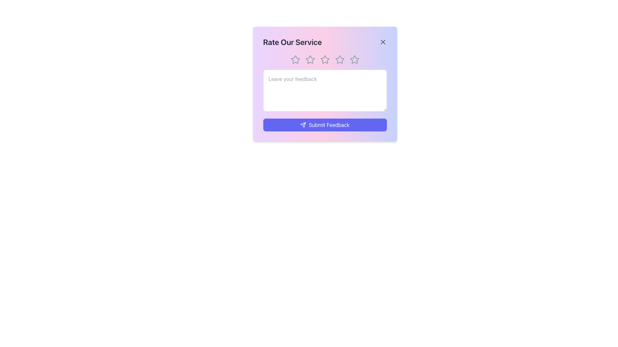  Describe the element at coordinates (339, 59) in the screenshot. I see `the third star in the 'Rate Our Service' modal` at that location.